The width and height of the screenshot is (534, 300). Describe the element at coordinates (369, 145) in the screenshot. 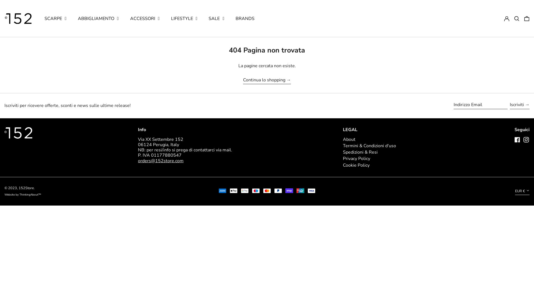

I see `'Termini & Condizioni d'uso'` at that location.